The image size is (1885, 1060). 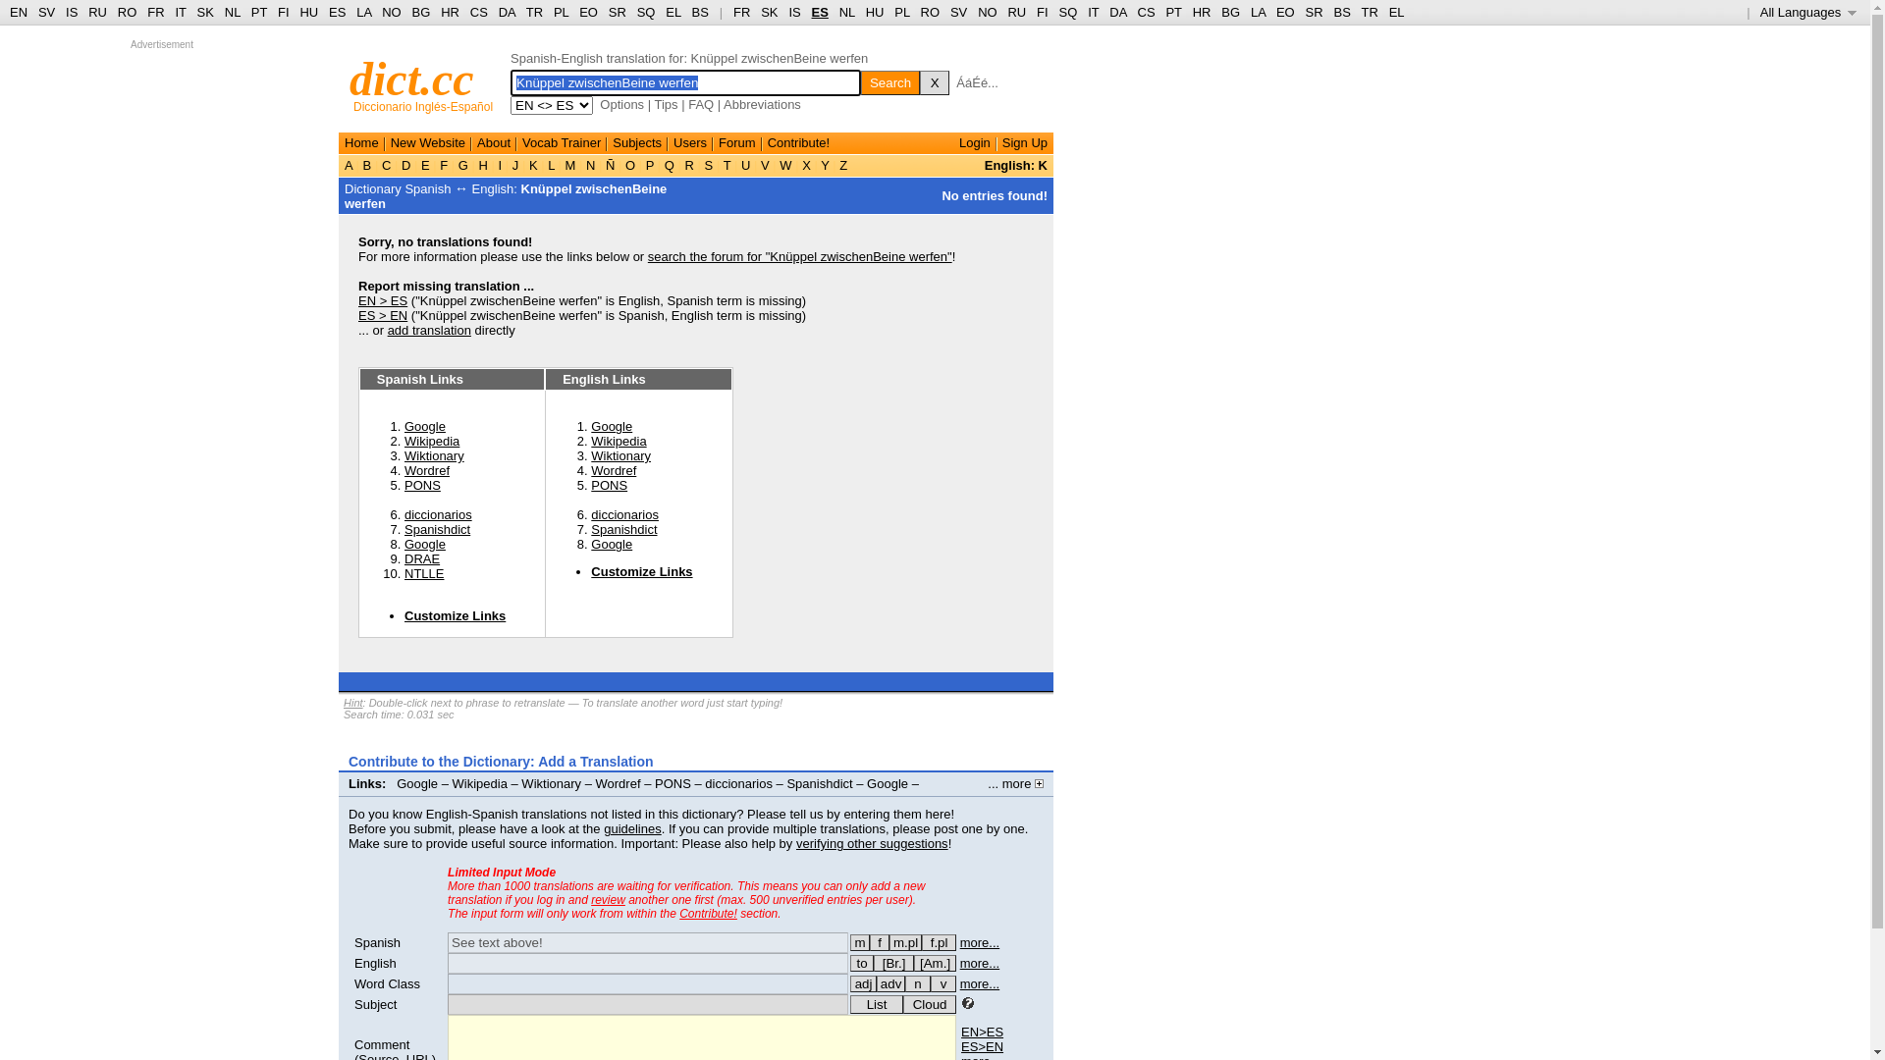 What do you see at coordinates (514, 164) in the screenshot?
I see `'J'` at bounding box center [514, 164].